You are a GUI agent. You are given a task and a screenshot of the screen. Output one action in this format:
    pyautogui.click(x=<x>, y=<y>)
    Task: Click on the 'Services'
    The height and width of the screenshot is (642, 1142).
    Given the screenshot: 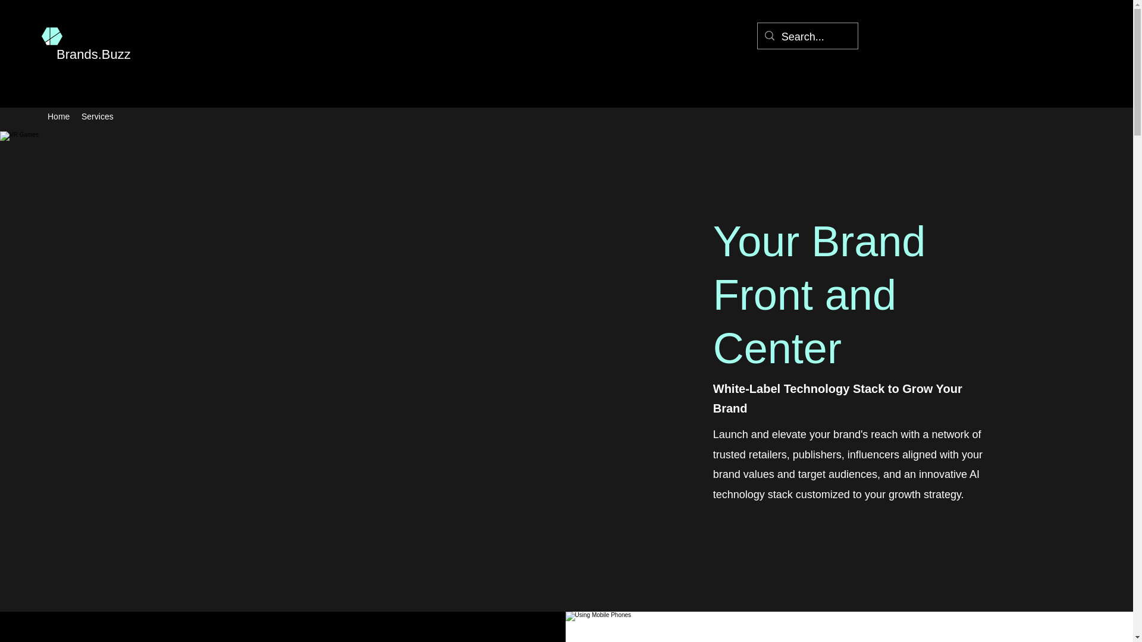 What is the action you would take?
    pyautogui.click(x=97, y=117)
    